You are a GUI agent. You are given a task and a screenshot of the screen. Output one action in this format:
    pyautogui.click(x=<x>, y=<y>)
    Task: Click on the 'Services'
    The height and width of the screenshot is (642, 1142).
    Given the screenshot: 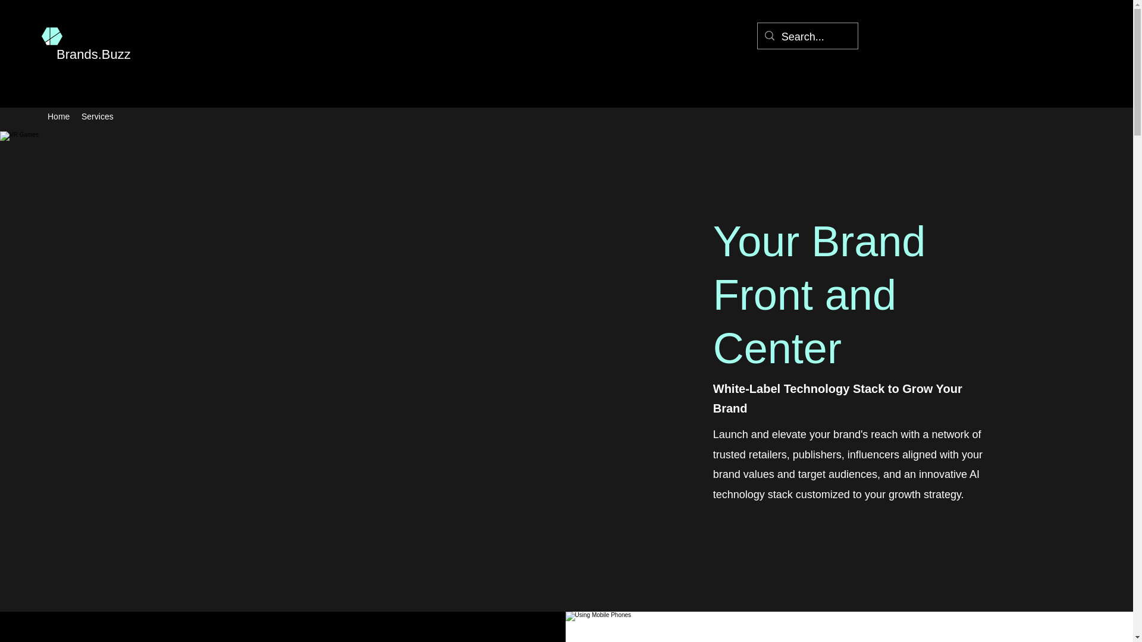 What is the action you would take?
    pyautogui.click(x=97, y=117)
    